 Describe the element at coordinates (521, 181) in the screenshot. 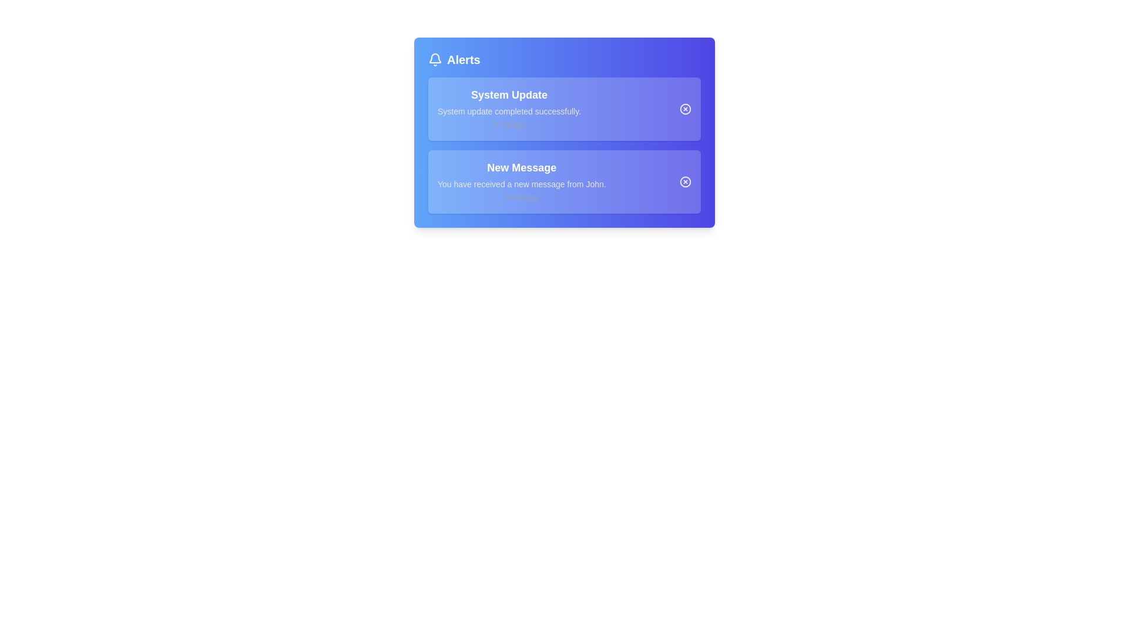

I see `the second notification card item in the 'Alerts' section that informs the user about a new message notification` at that location.